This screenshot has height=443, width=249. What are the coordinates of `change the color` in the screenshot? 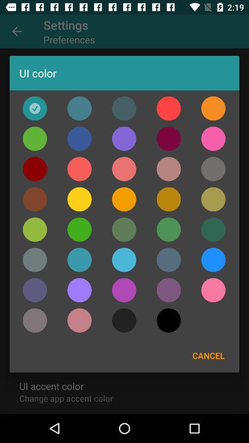 It's located at (168, 168).